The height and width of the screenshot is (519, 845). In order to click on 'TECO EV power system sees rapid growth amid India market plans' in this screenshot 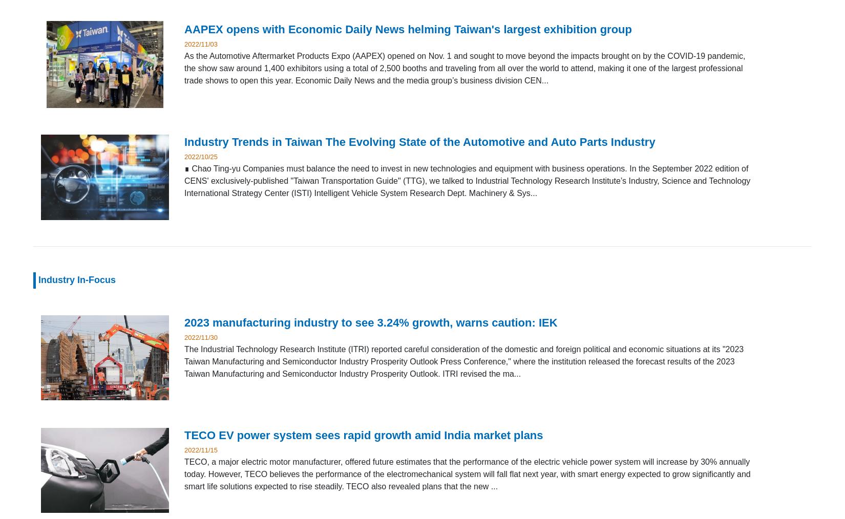, I will do `click(363, 434)`.